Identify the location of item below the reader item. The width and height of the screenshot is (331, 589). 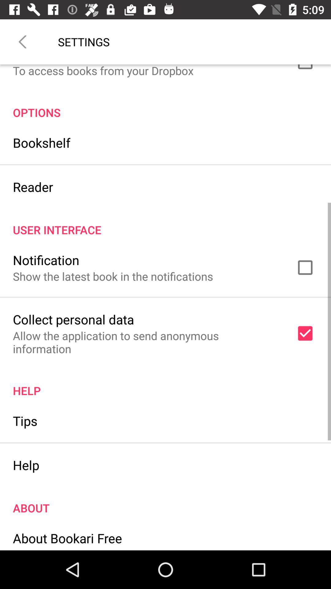
(165, 223).